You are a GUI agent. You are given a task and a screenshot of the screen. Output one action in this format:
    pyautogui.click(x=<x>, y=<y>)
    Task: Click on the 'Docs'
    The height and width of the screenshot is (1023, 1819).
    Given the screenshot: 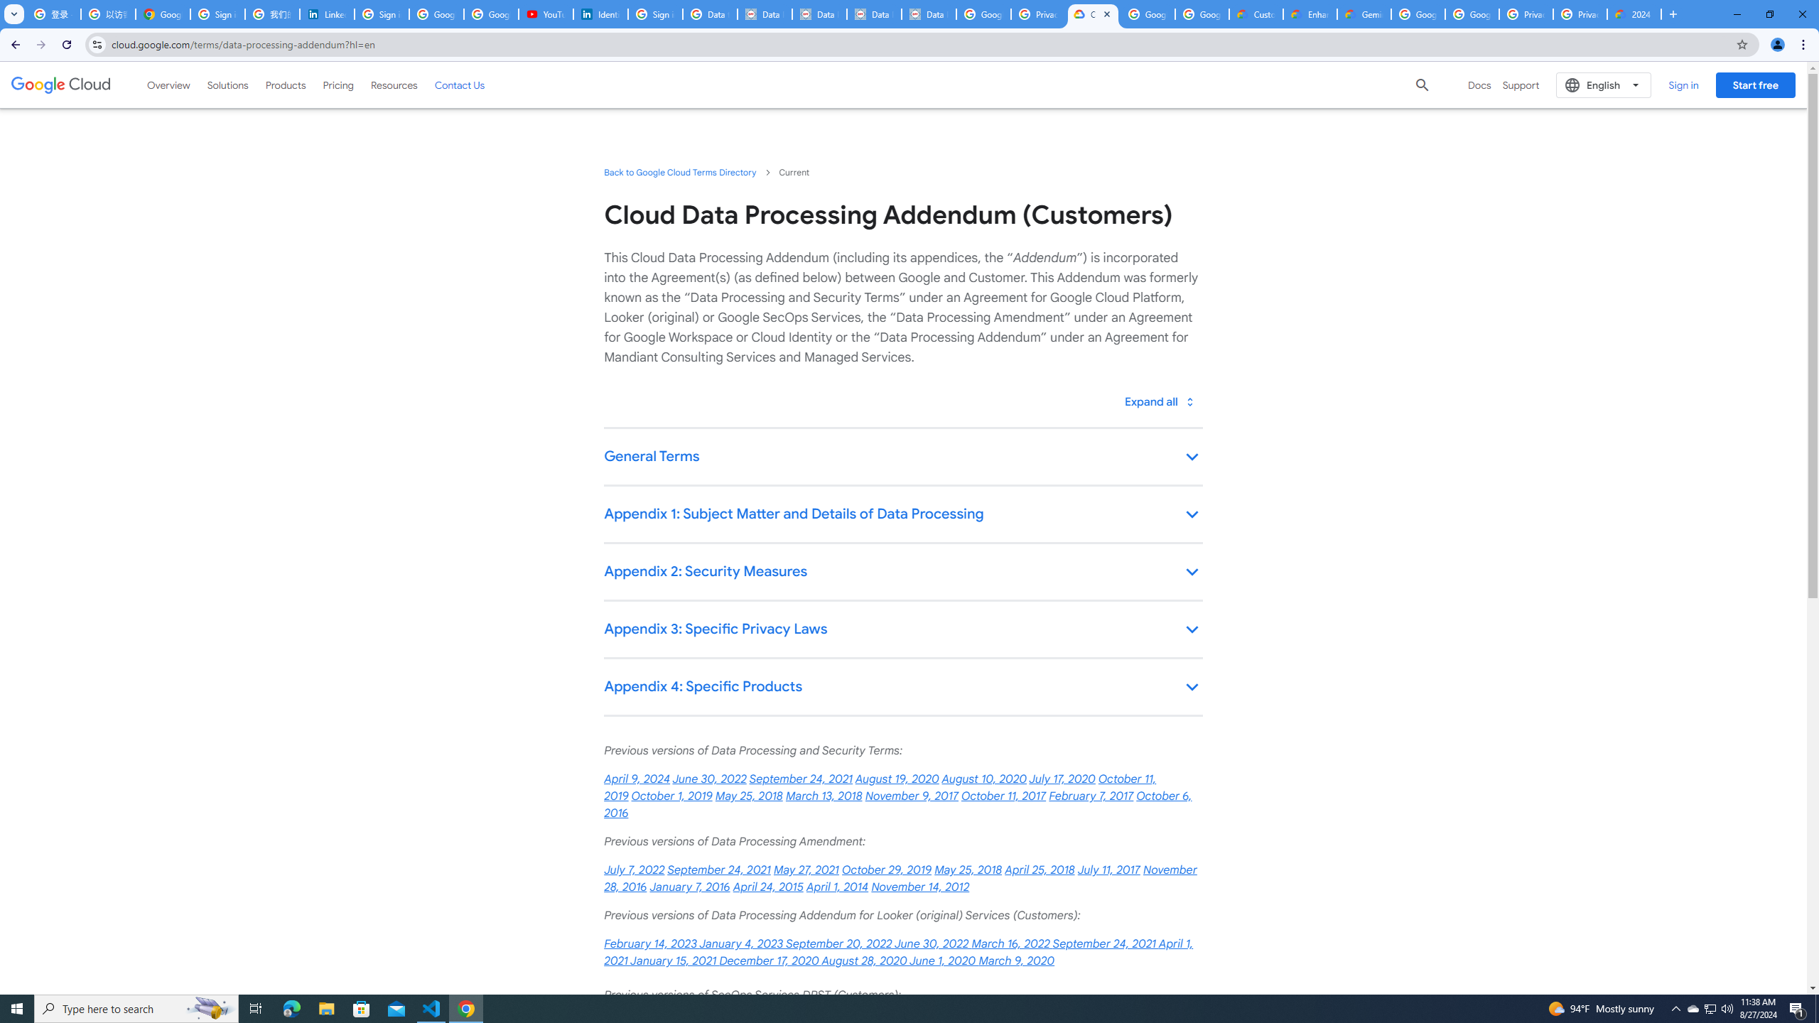 What is the action you would take?
    pyautogui.click(x=1479, y=84)
    